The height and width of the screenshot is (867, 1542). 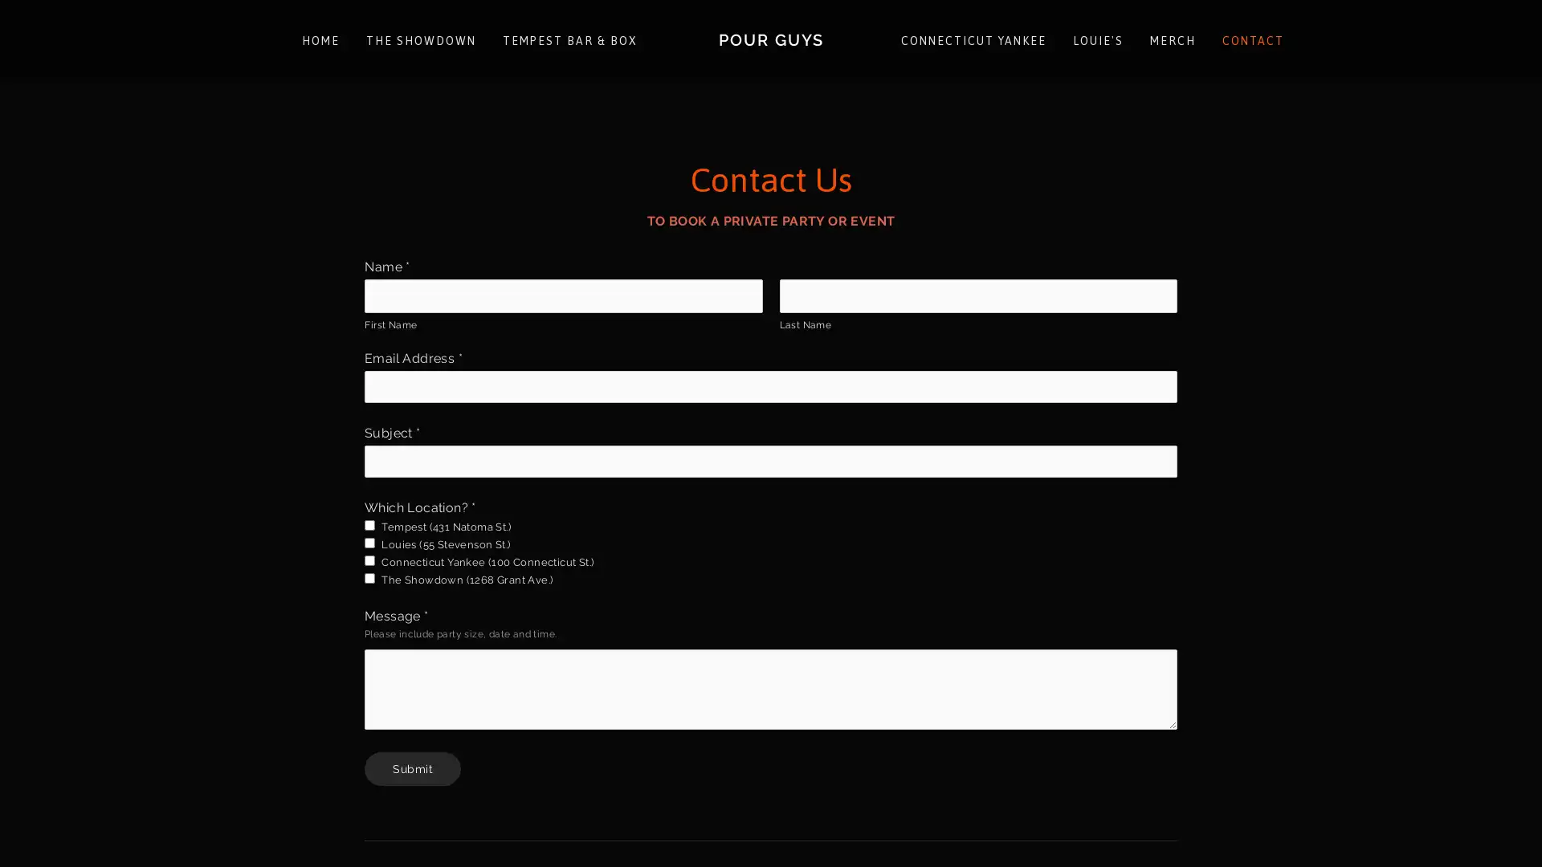 I want to click on Submit, so click(x=412, y=767).